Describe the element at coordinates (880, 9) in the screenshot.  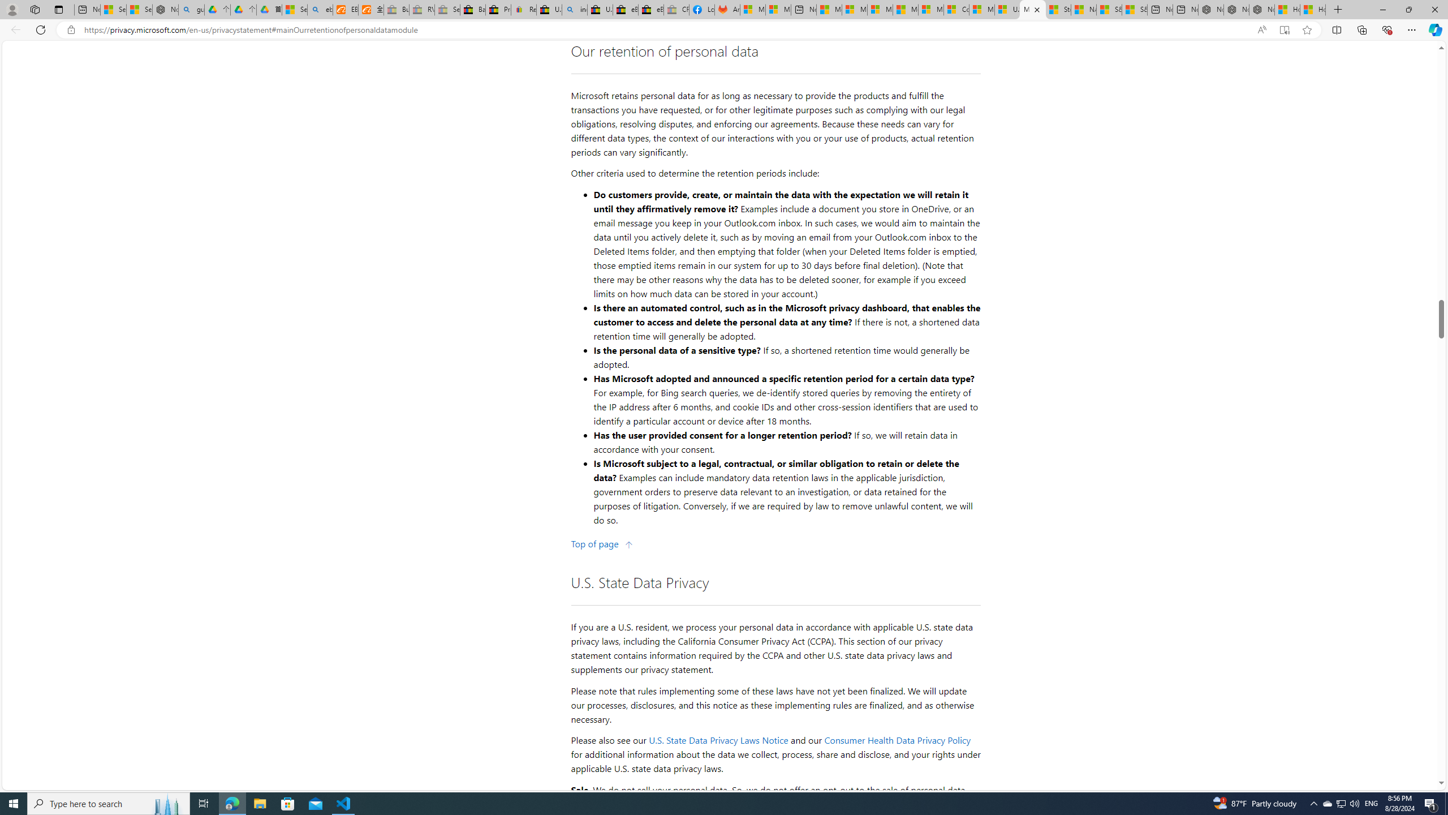
I see `'Microsoft account | Home'` at that location.